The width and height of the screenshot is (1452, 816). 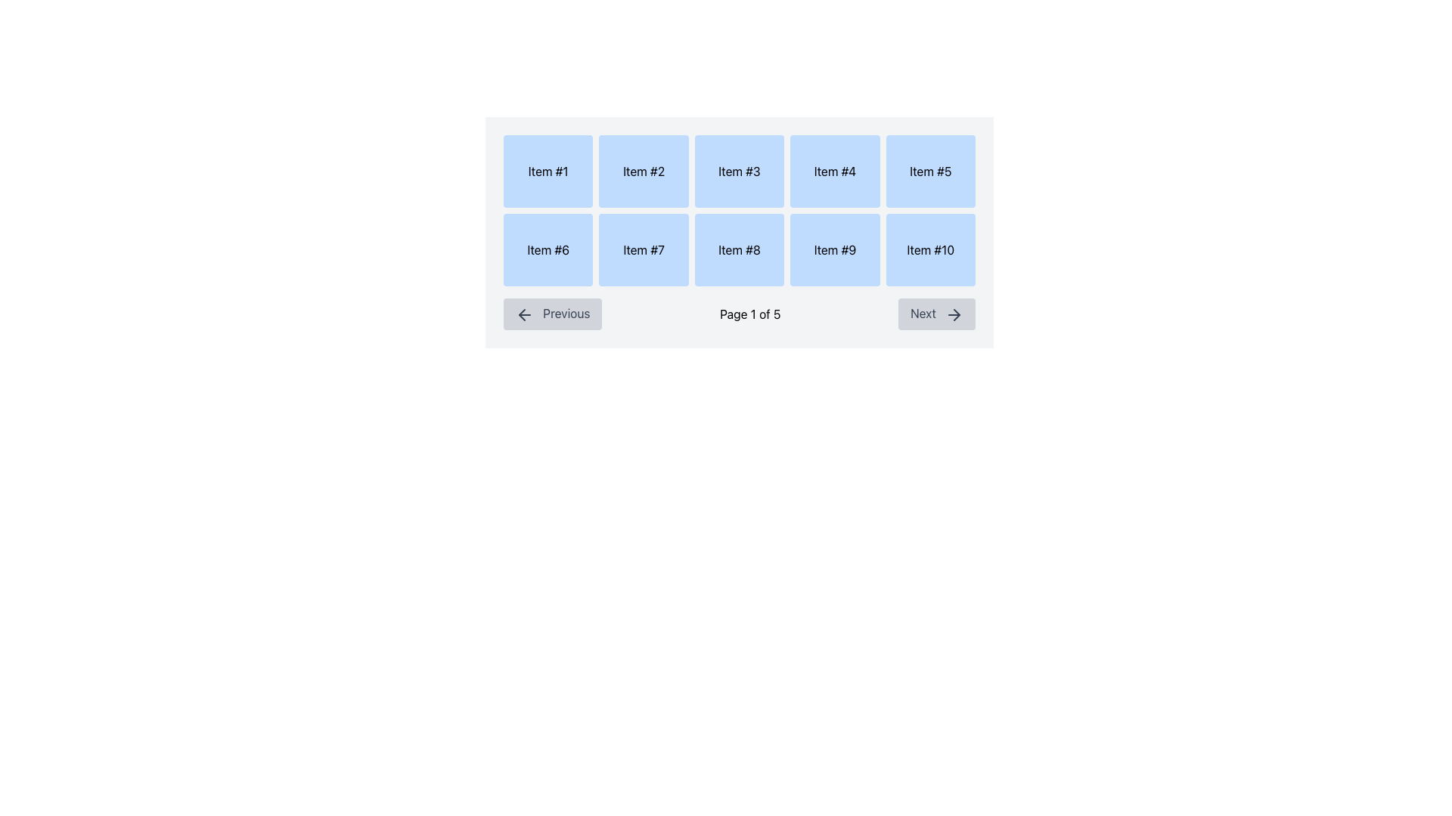 What do you see at coordinates (750, 313) in the screenshot?
I see `the Text label that indicates the user's current position and total number of pages in the pagination system, located at the center of the pagination controls between the 'Previous' and 'Next' buttons` at bounding box center [750, 313].